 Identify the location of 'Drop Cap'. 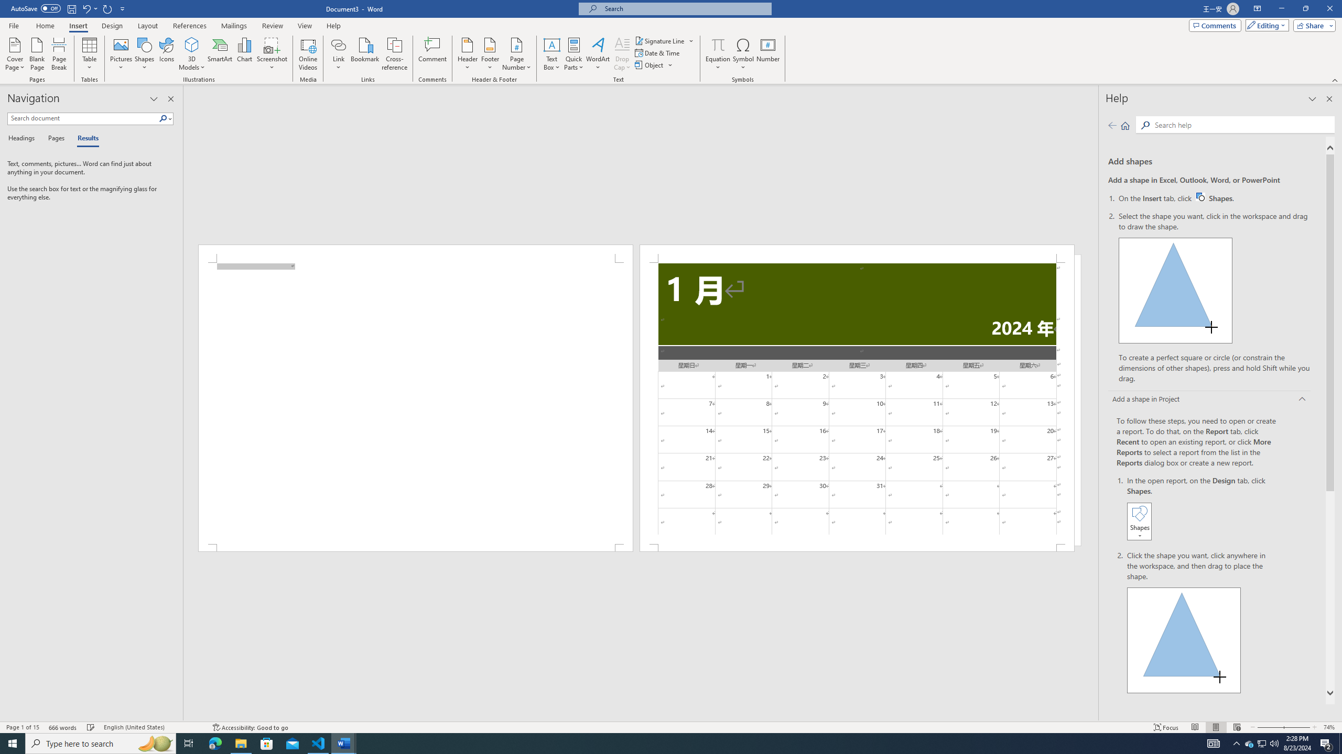
(622, 54).